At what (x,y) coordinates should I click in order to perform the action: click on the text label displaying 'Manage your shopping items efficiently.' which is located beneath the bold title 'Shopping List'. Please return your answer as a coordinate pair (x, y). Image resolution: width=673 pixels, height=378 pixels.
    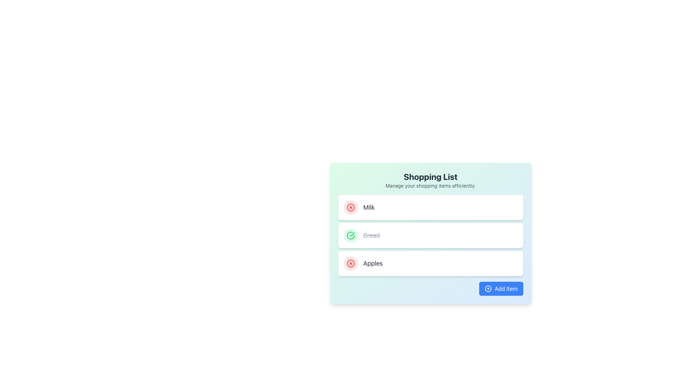
    Looking at the image, I should click on (430, 185).